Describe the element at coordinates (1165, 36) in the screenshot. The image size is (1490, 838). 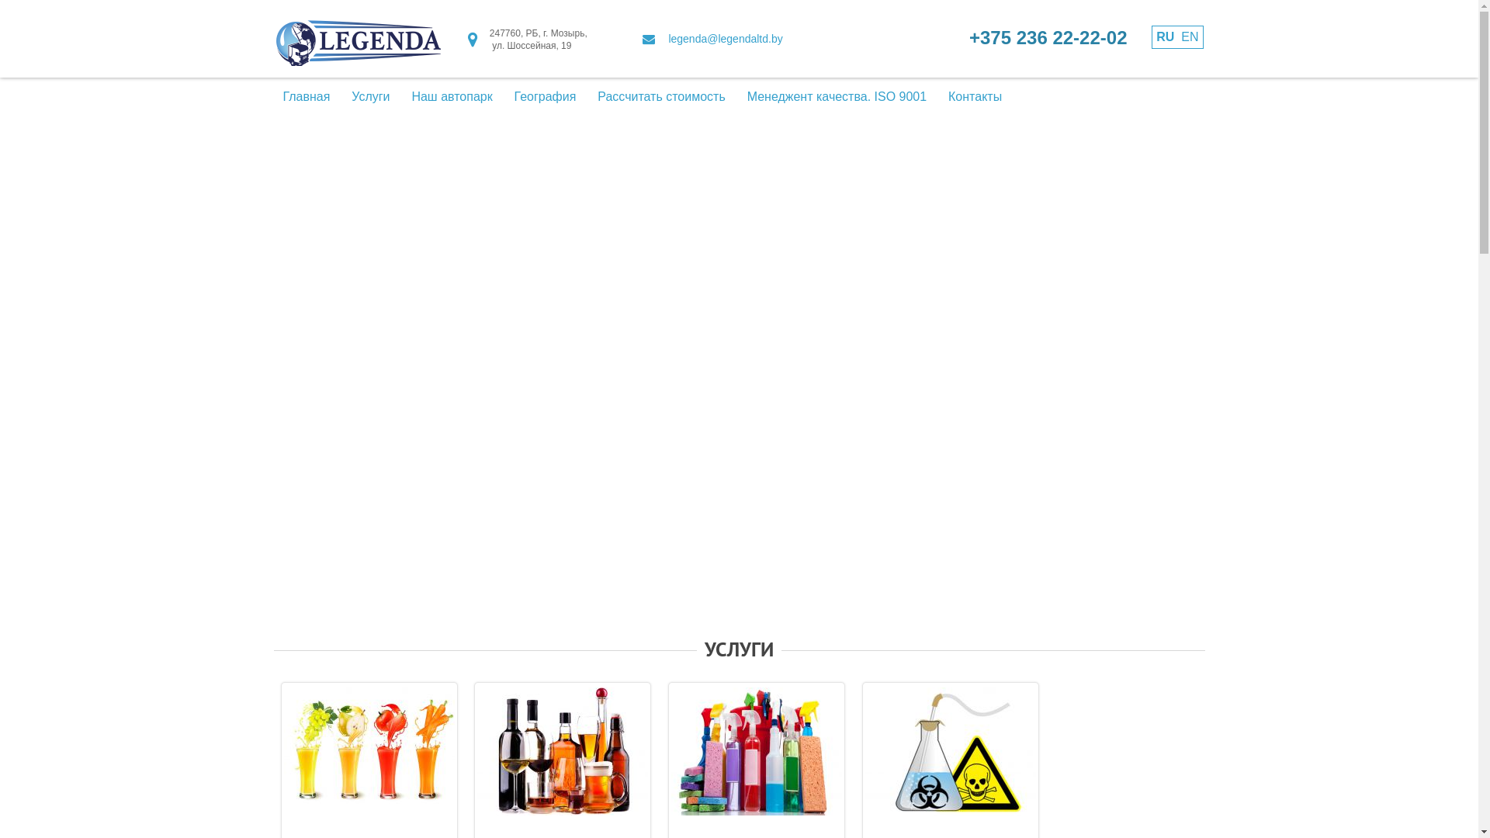
I see `'RU'` at that location.